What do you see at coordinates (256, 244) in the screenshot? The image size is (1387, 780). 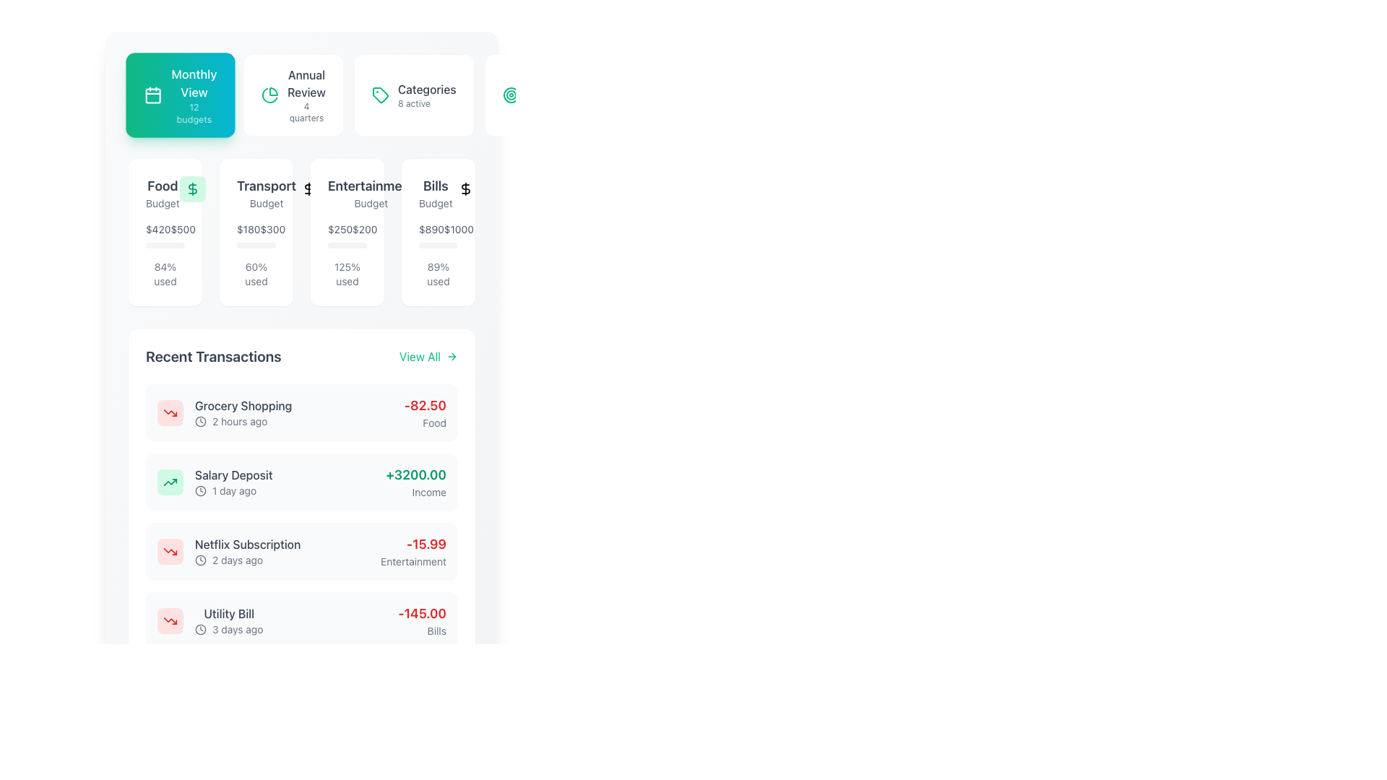 I see `the progress bar located in the second card under the 'Monthly View' section, which indicates a completion level of 60% with a cyan-filled inner portion` at bounding box center [256, 244].